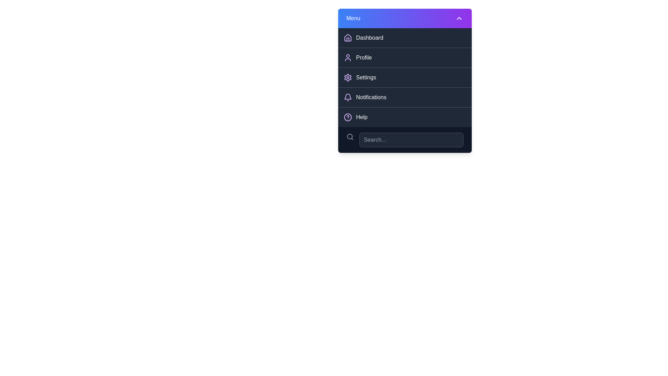 The width and height of the screenshot is (668, 376). What do you see at coordinates (405, 117) in the screenshot?
I see `the help button located at the bottom right of the dropdown menu, which includes options like 'Dashboard', 'Profile', 'Settings', and 'Notifications'` at bounding box center [405, 117].